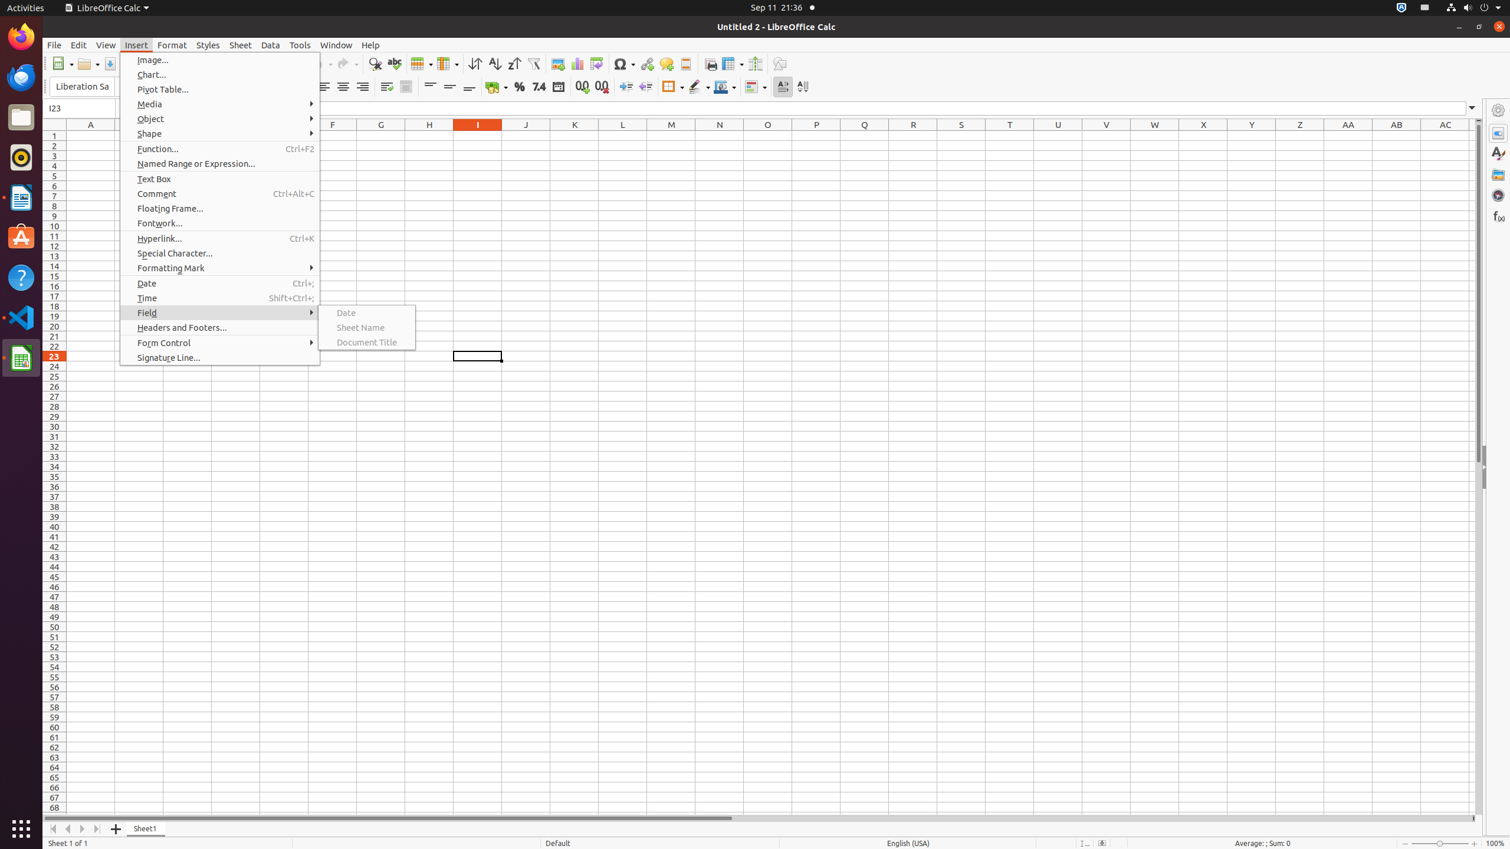  I want to click on 'A1', so click(91, 135).